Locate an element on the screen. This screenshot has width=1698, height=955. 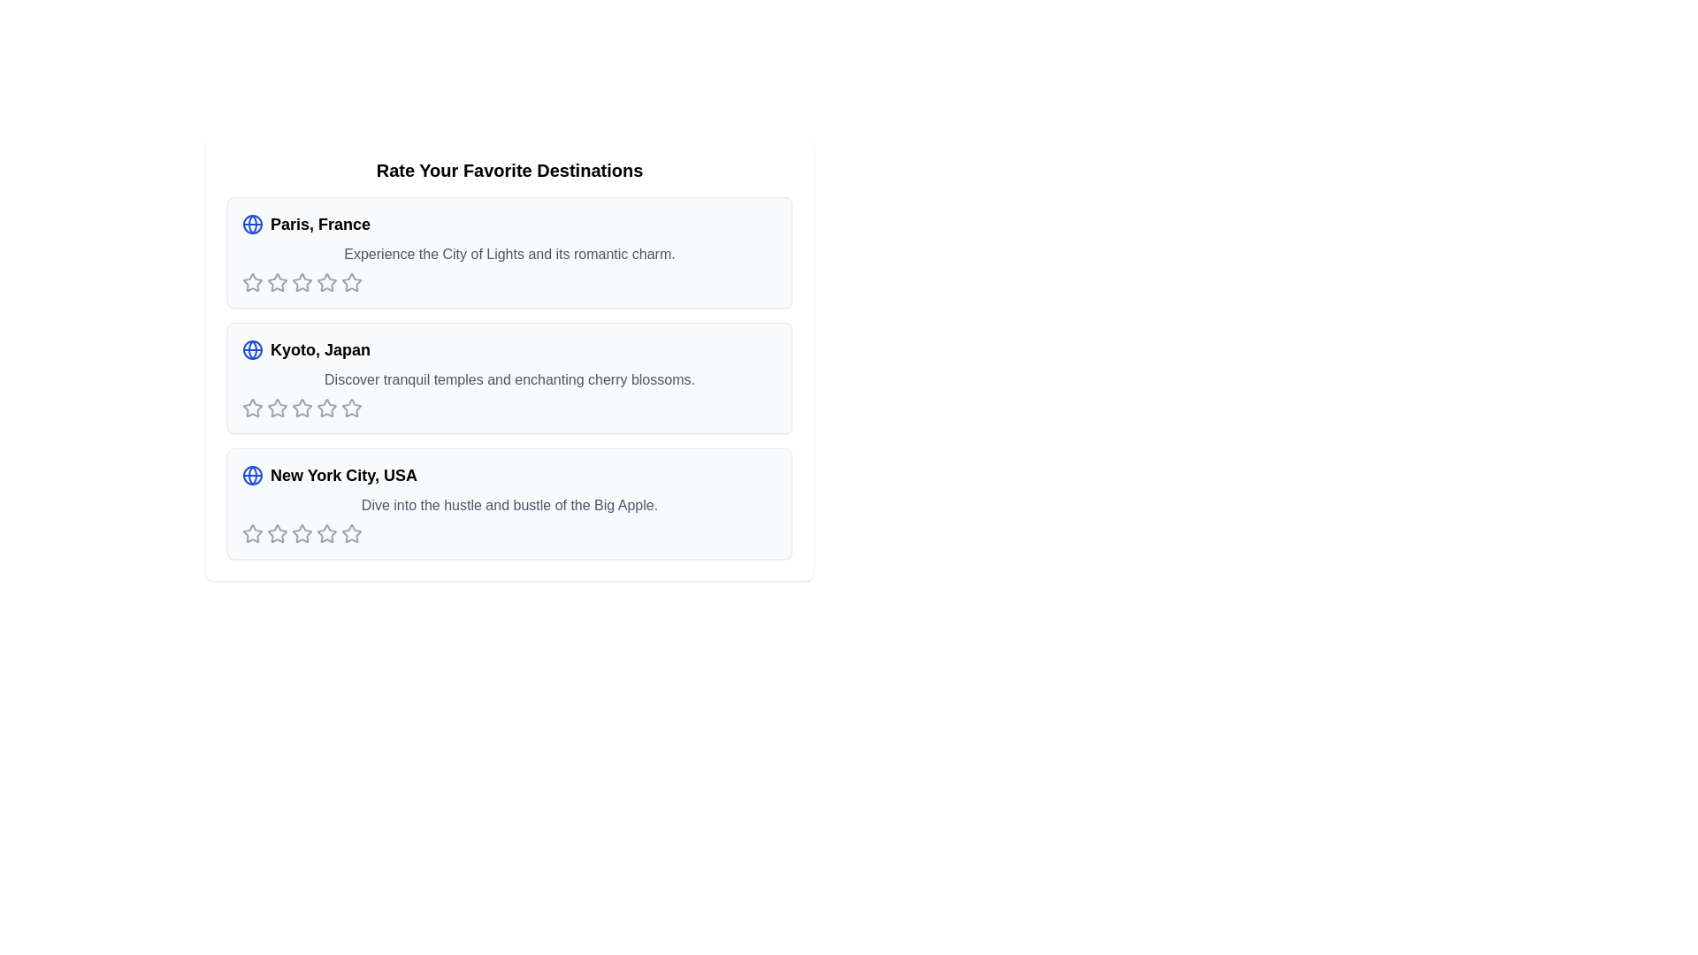
the small, circular blue globe icon located to the left of the text 'New York City, USA' is located at coordinates (252, 474).